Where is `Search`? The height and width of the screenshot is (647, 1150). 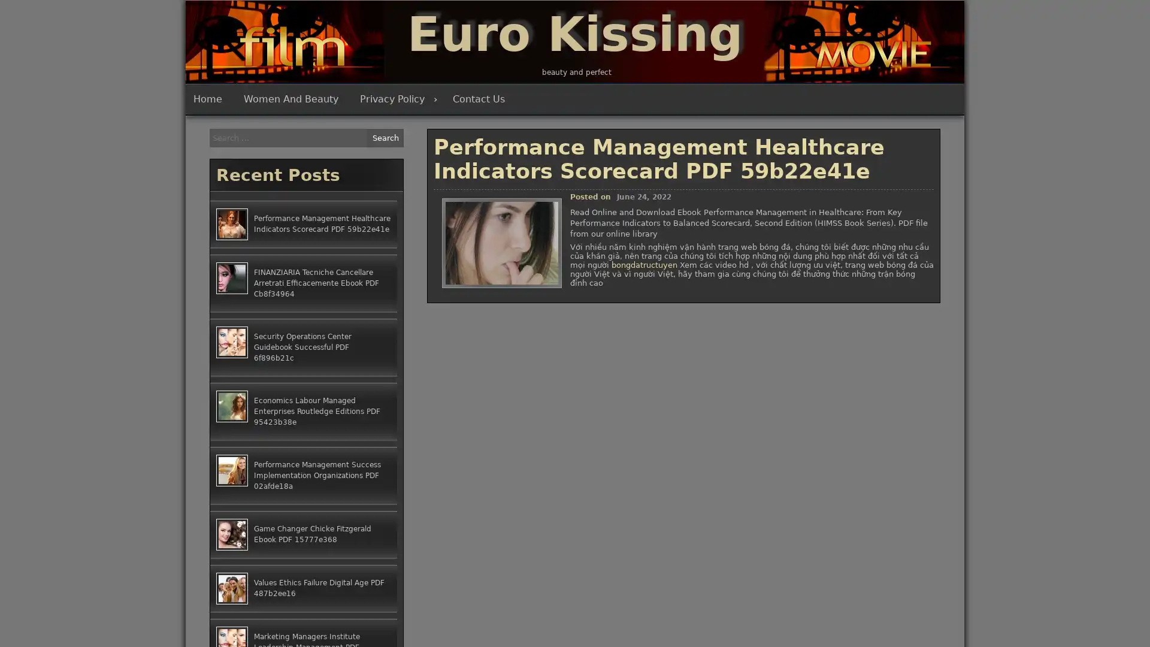 Search is located at coordinates (385, 137).